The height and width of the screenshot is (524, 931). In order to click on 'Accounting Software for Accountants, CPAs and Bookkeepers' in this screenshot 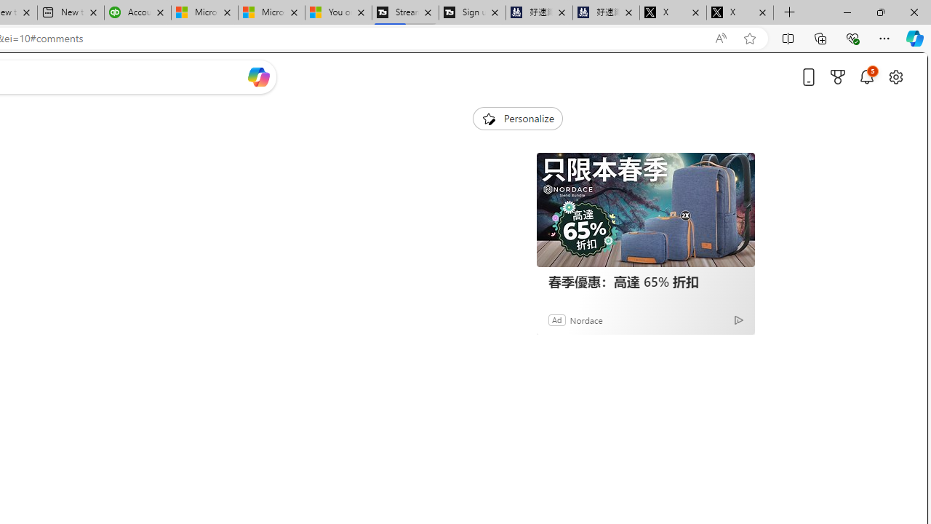, I will do `click(137, 12)`.